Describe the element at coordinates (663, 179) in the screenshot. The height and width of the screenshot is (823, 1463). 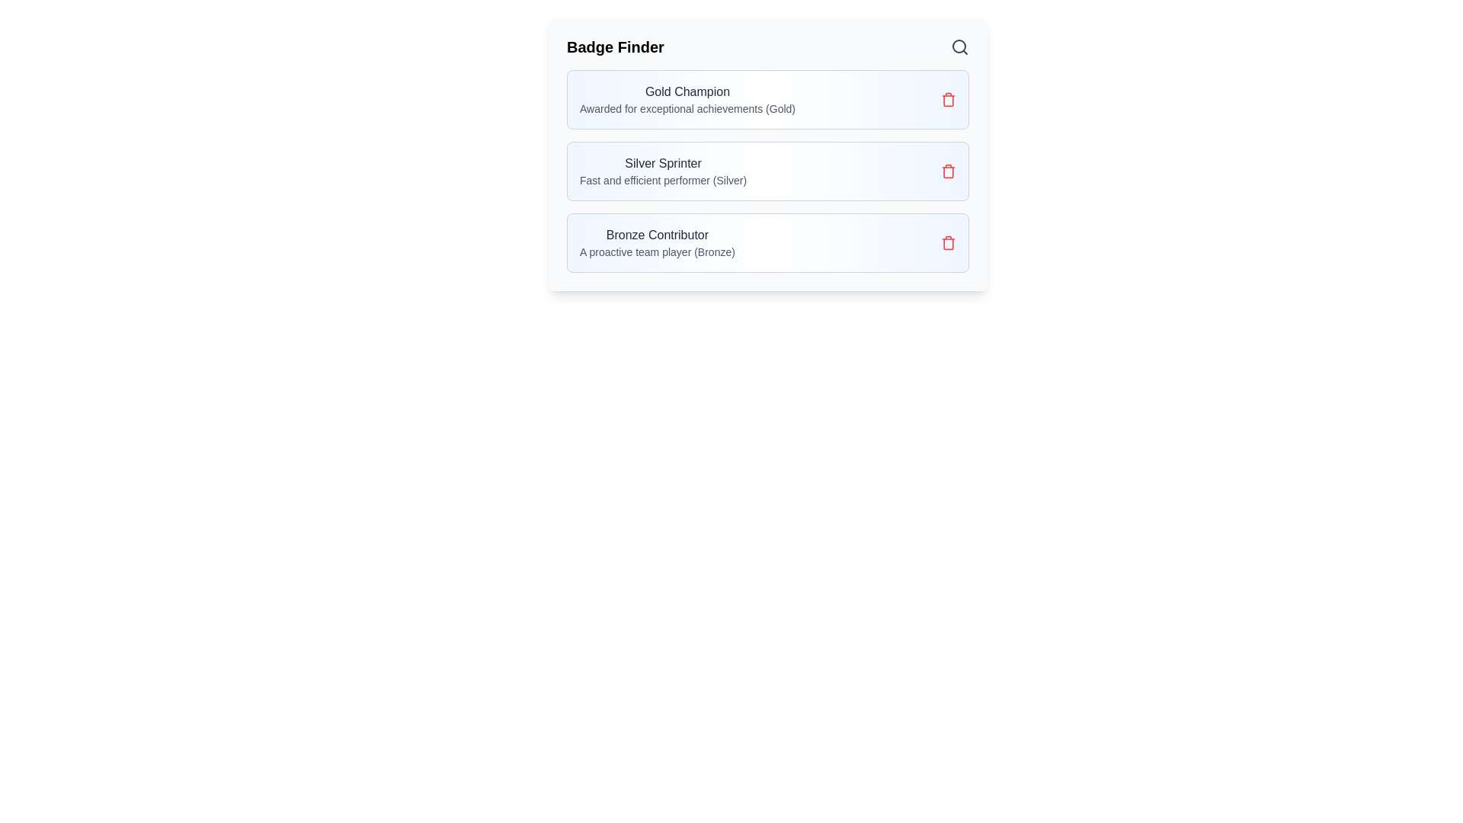
I see `the text label that provides additional descriptive detail for the card titled 'Silver Sprinter', positioned directly beneath the heading within the second card of the vertical list layout` at that location.